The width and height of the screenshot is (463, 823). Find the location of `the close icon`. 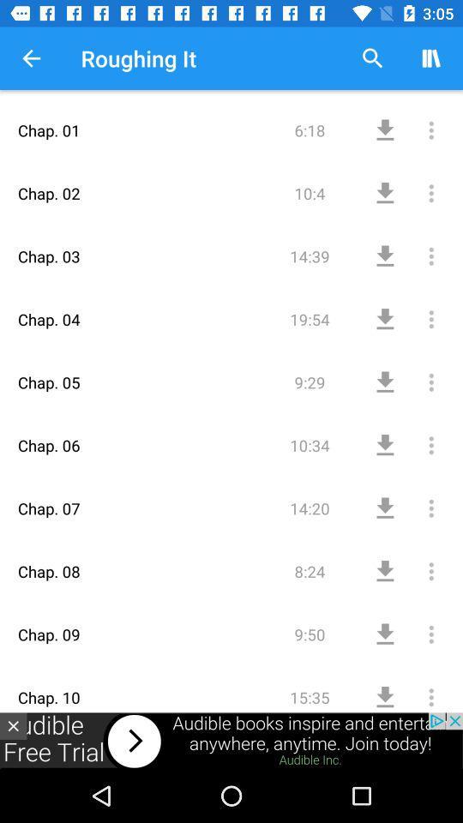

the close icon is located at coordinates (12, 725).